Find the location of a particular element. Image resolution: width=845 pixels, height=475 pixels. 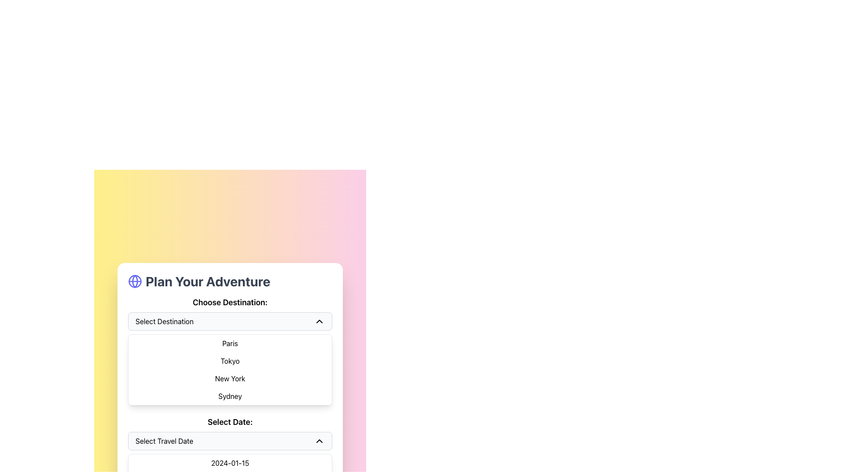

the SVG Circle element that is part of the decorative or branding icon representing a globe, located to the left of the text element titled 'Plan Your Adventure' is located at coordinates (135, 281).